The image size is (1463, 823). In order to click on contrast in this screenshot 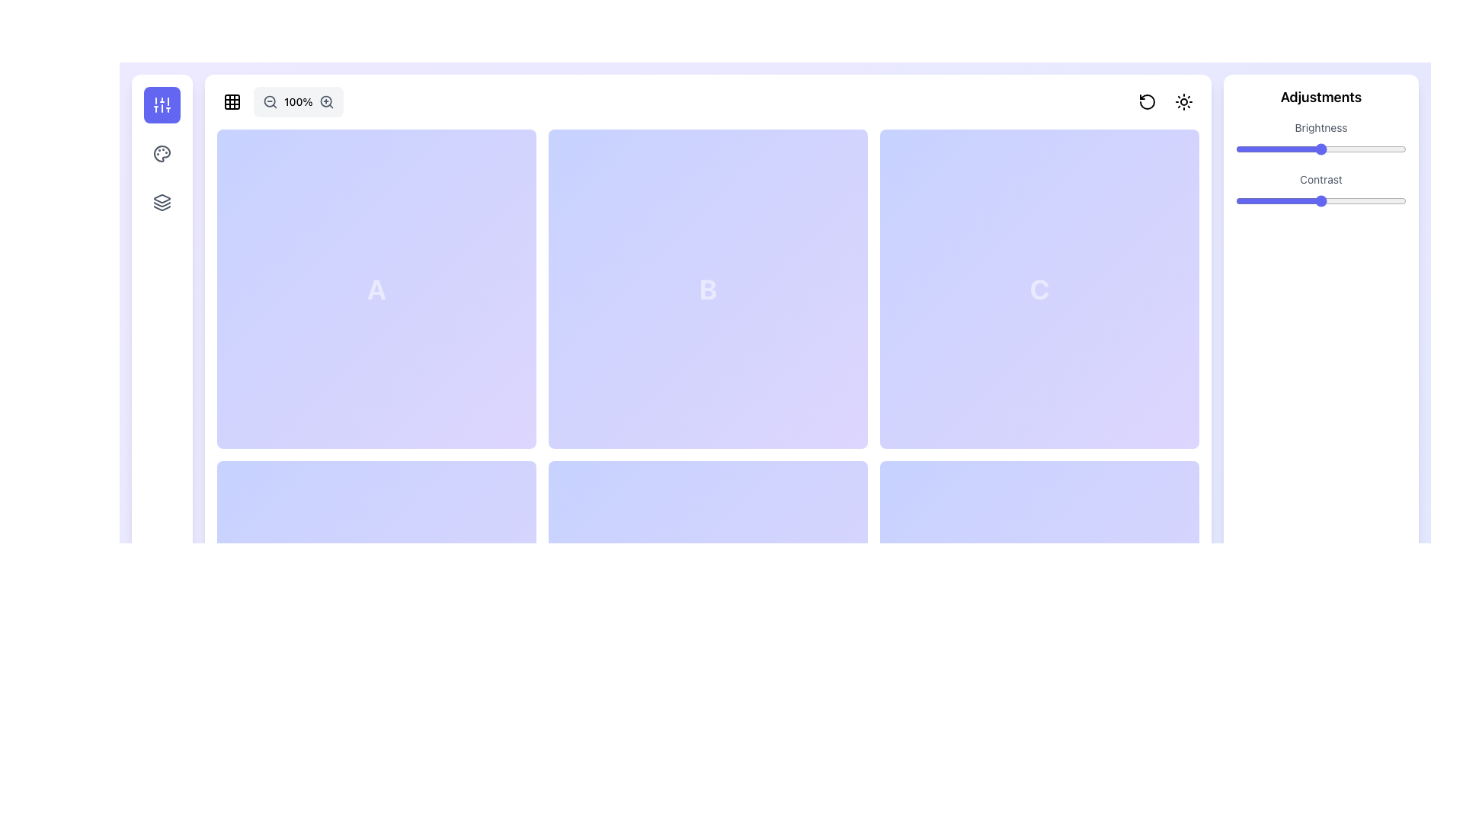, I will do `click(1298, 200)`.